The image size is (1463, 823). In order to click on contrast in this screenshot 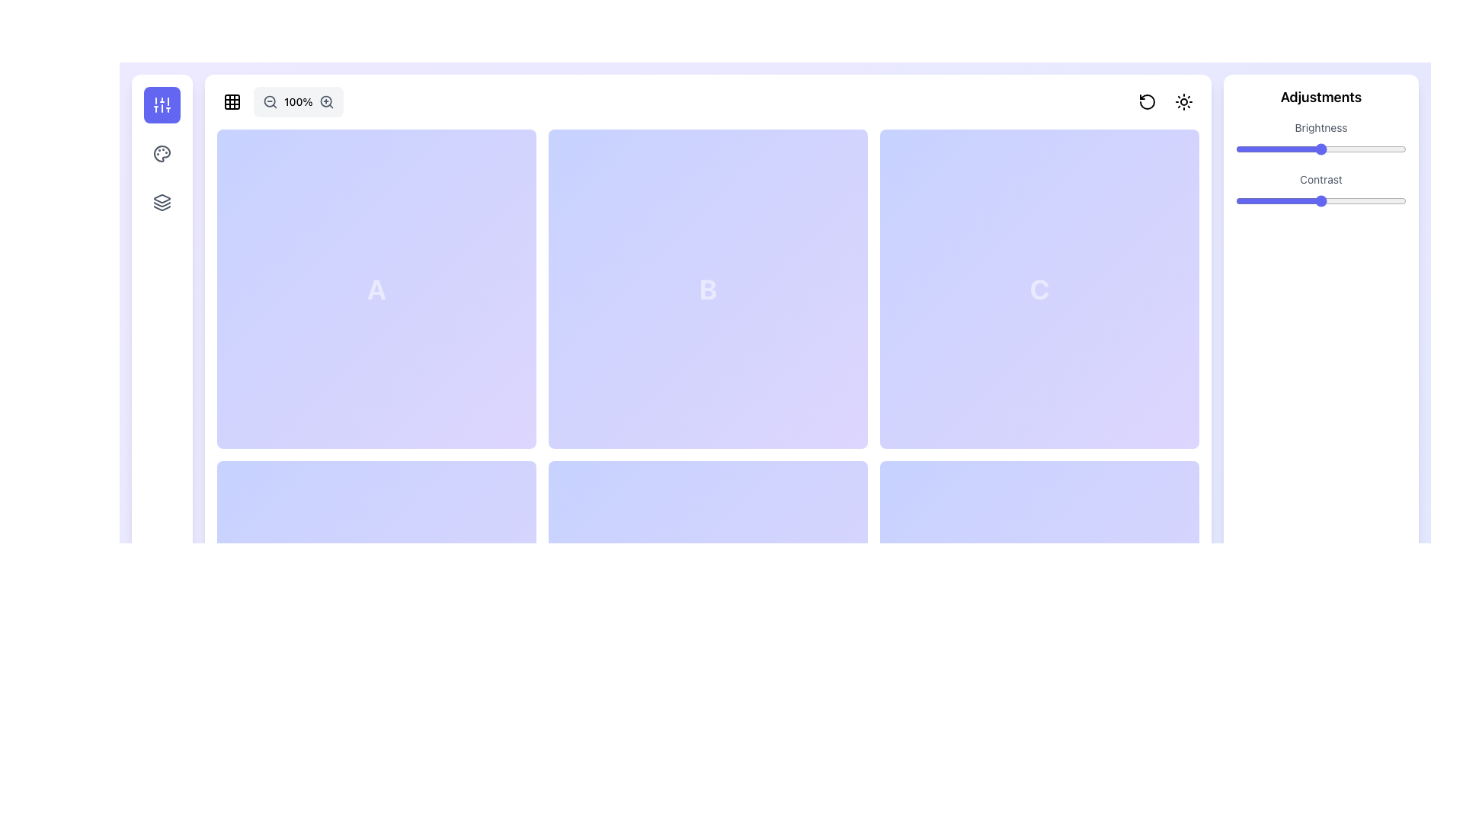, I will do `click(1298, 200)`.